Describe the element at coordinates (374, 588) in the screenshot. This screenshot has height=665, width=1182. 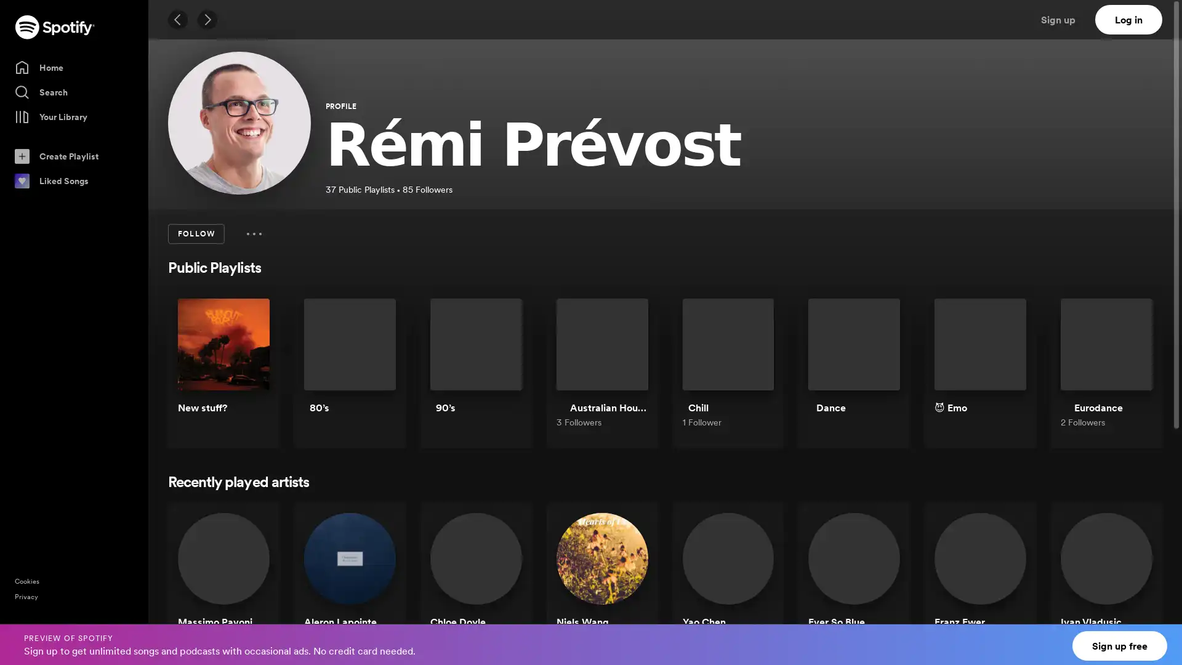
I see `Play Aleron Lapointe` at that location.